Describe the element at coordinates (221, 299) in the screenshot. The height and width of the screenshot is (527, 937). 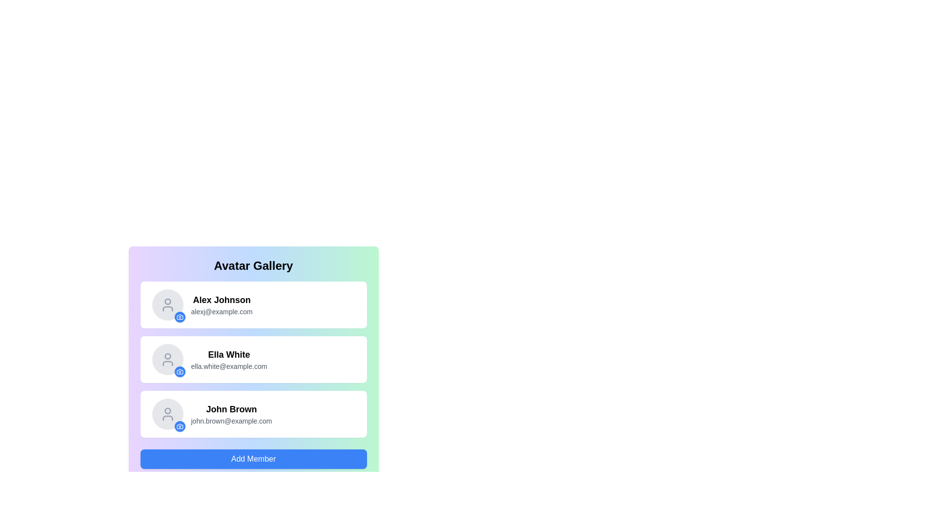
I see `the Text label that displays the user's name, located directly above the email 'alexj@example.com' and next to the user avatar icon` at that location.